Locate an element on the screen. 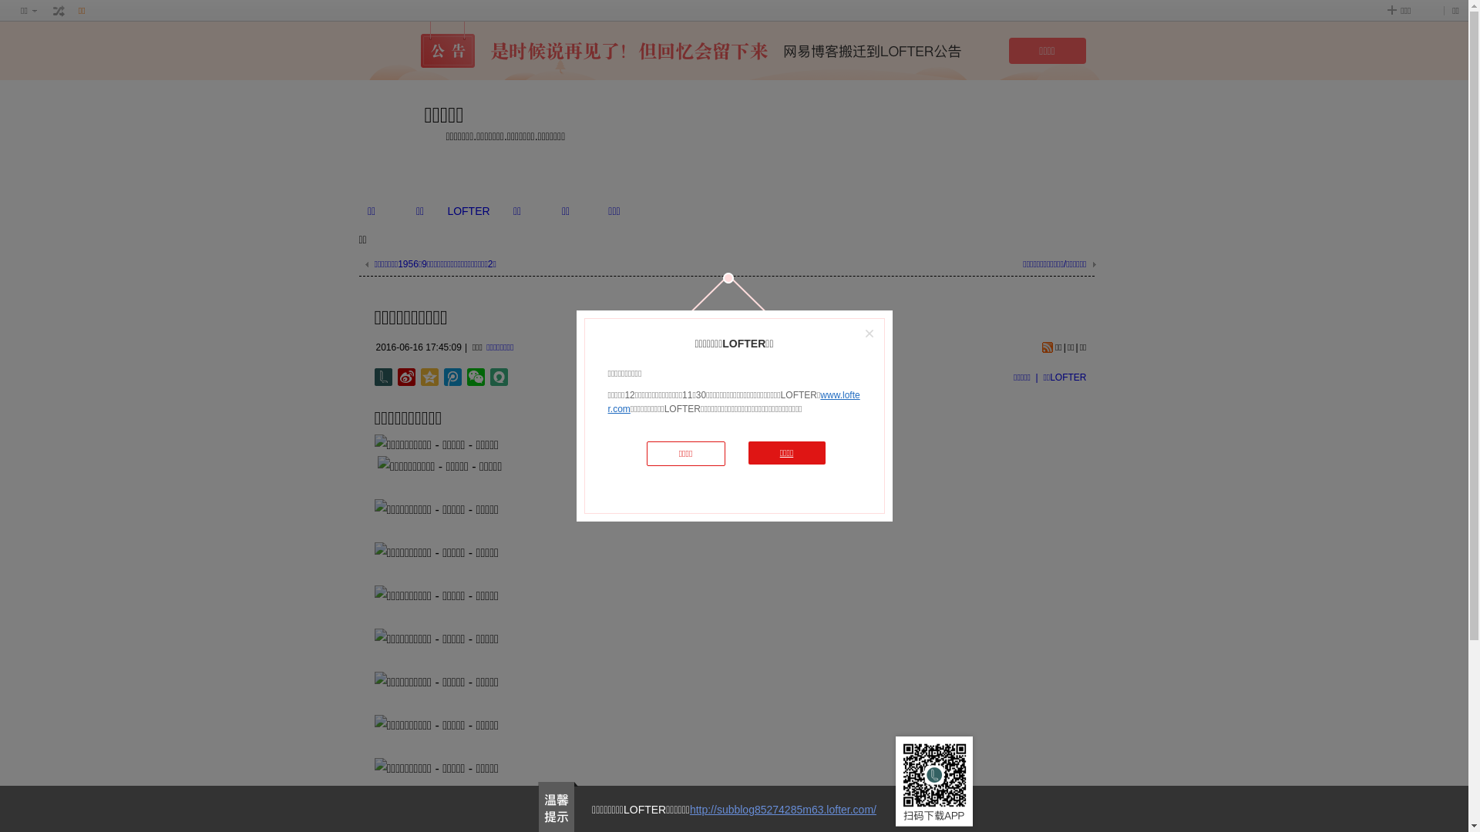  'LOFTER' is located at coordinates (467, 210).